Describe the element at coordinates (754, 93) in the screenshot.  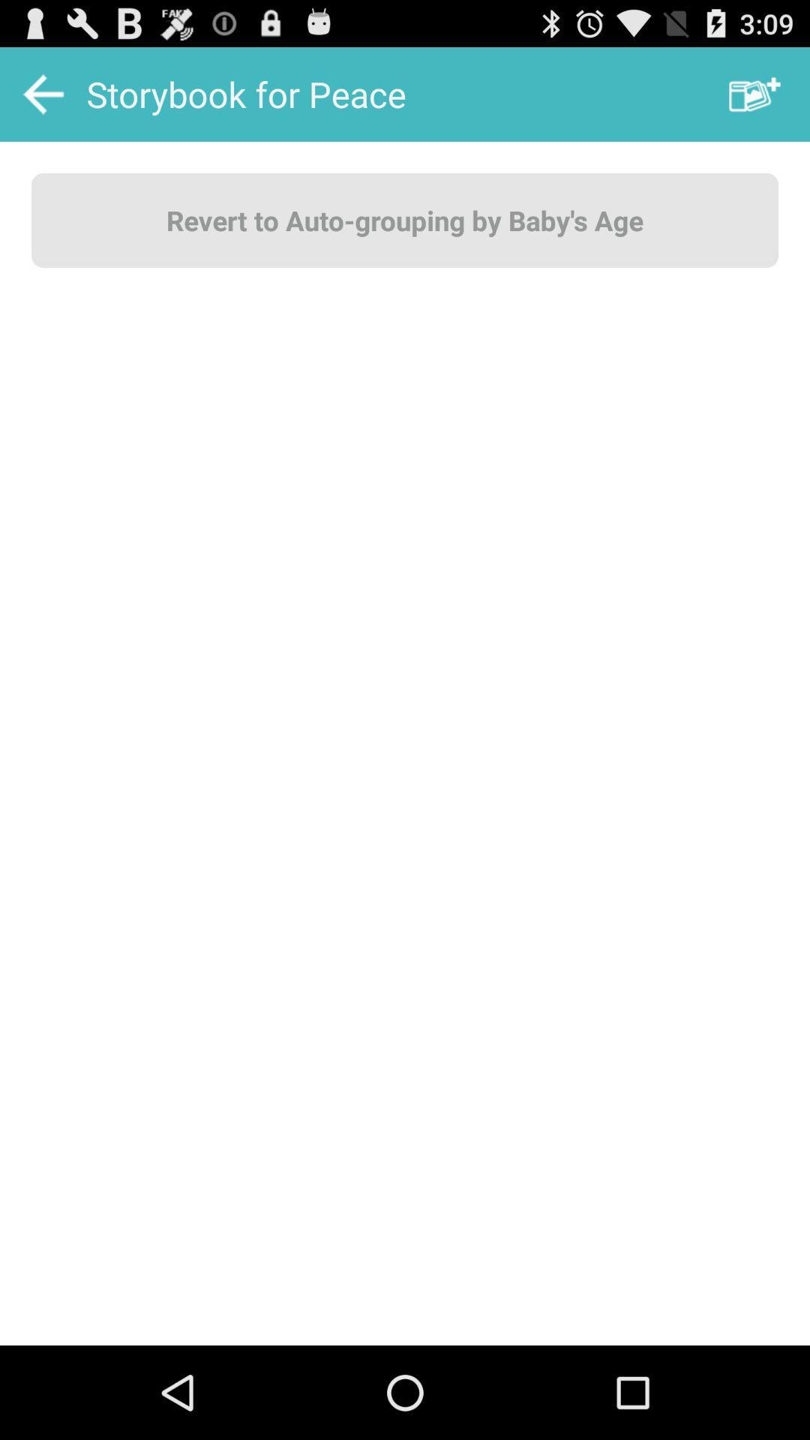
I see `item above revert to auto item` at that location.